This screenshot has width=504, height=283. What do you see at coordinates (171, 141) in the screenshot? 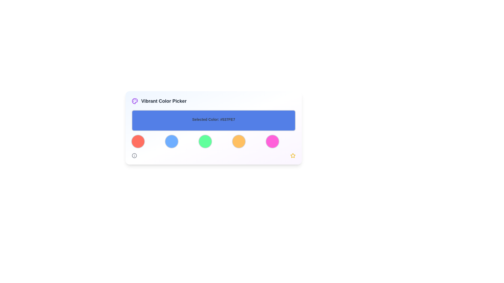
I see `the second circular button in the color palette to observe the scaling effect` at bounding box center [171, 141].